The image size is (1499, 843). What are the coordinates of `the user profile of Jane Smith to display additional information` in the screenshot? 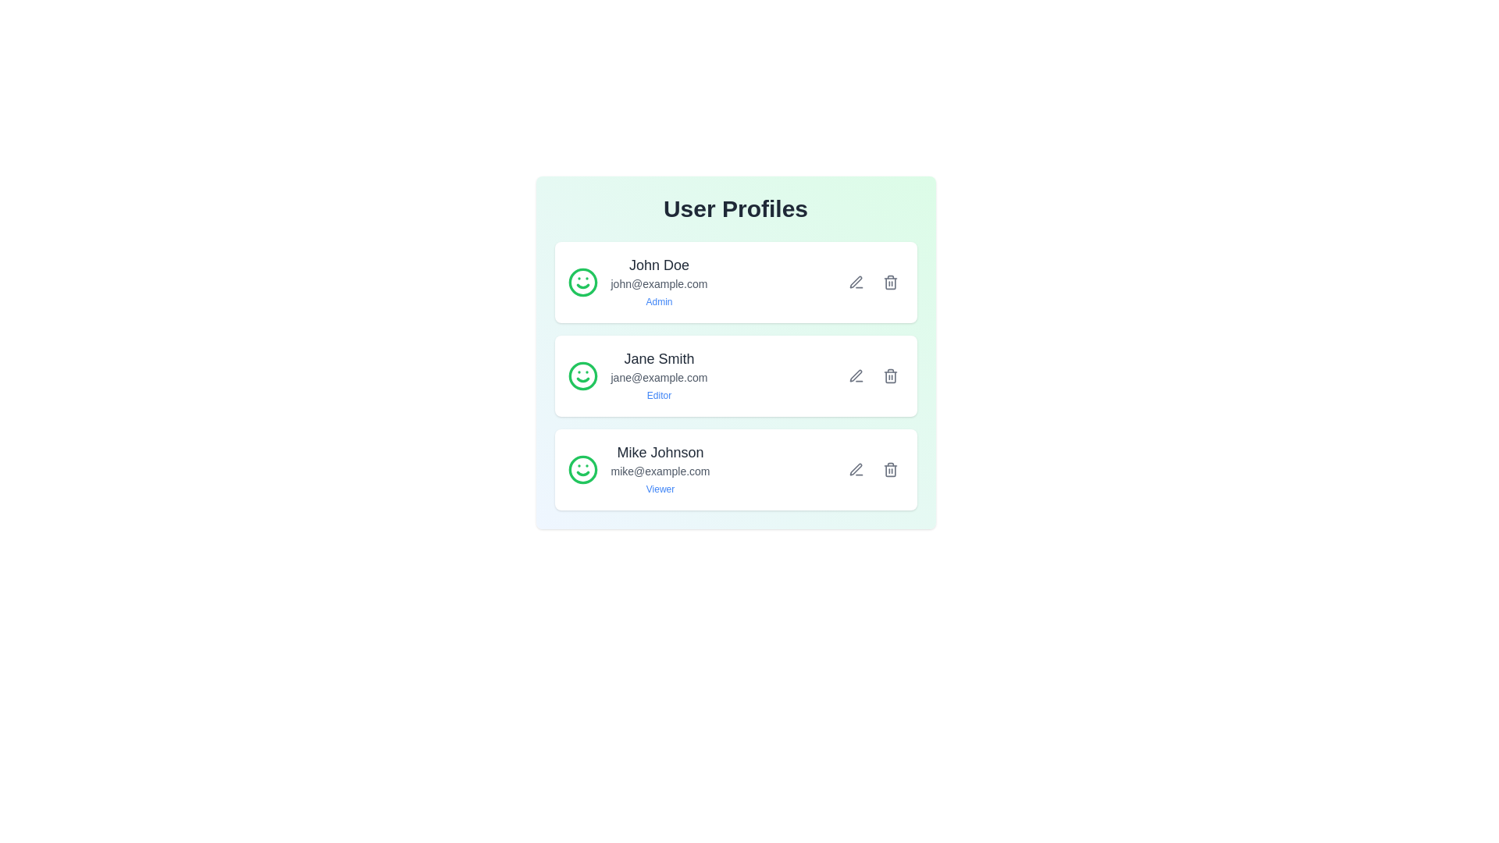 It's located at (637, 376).